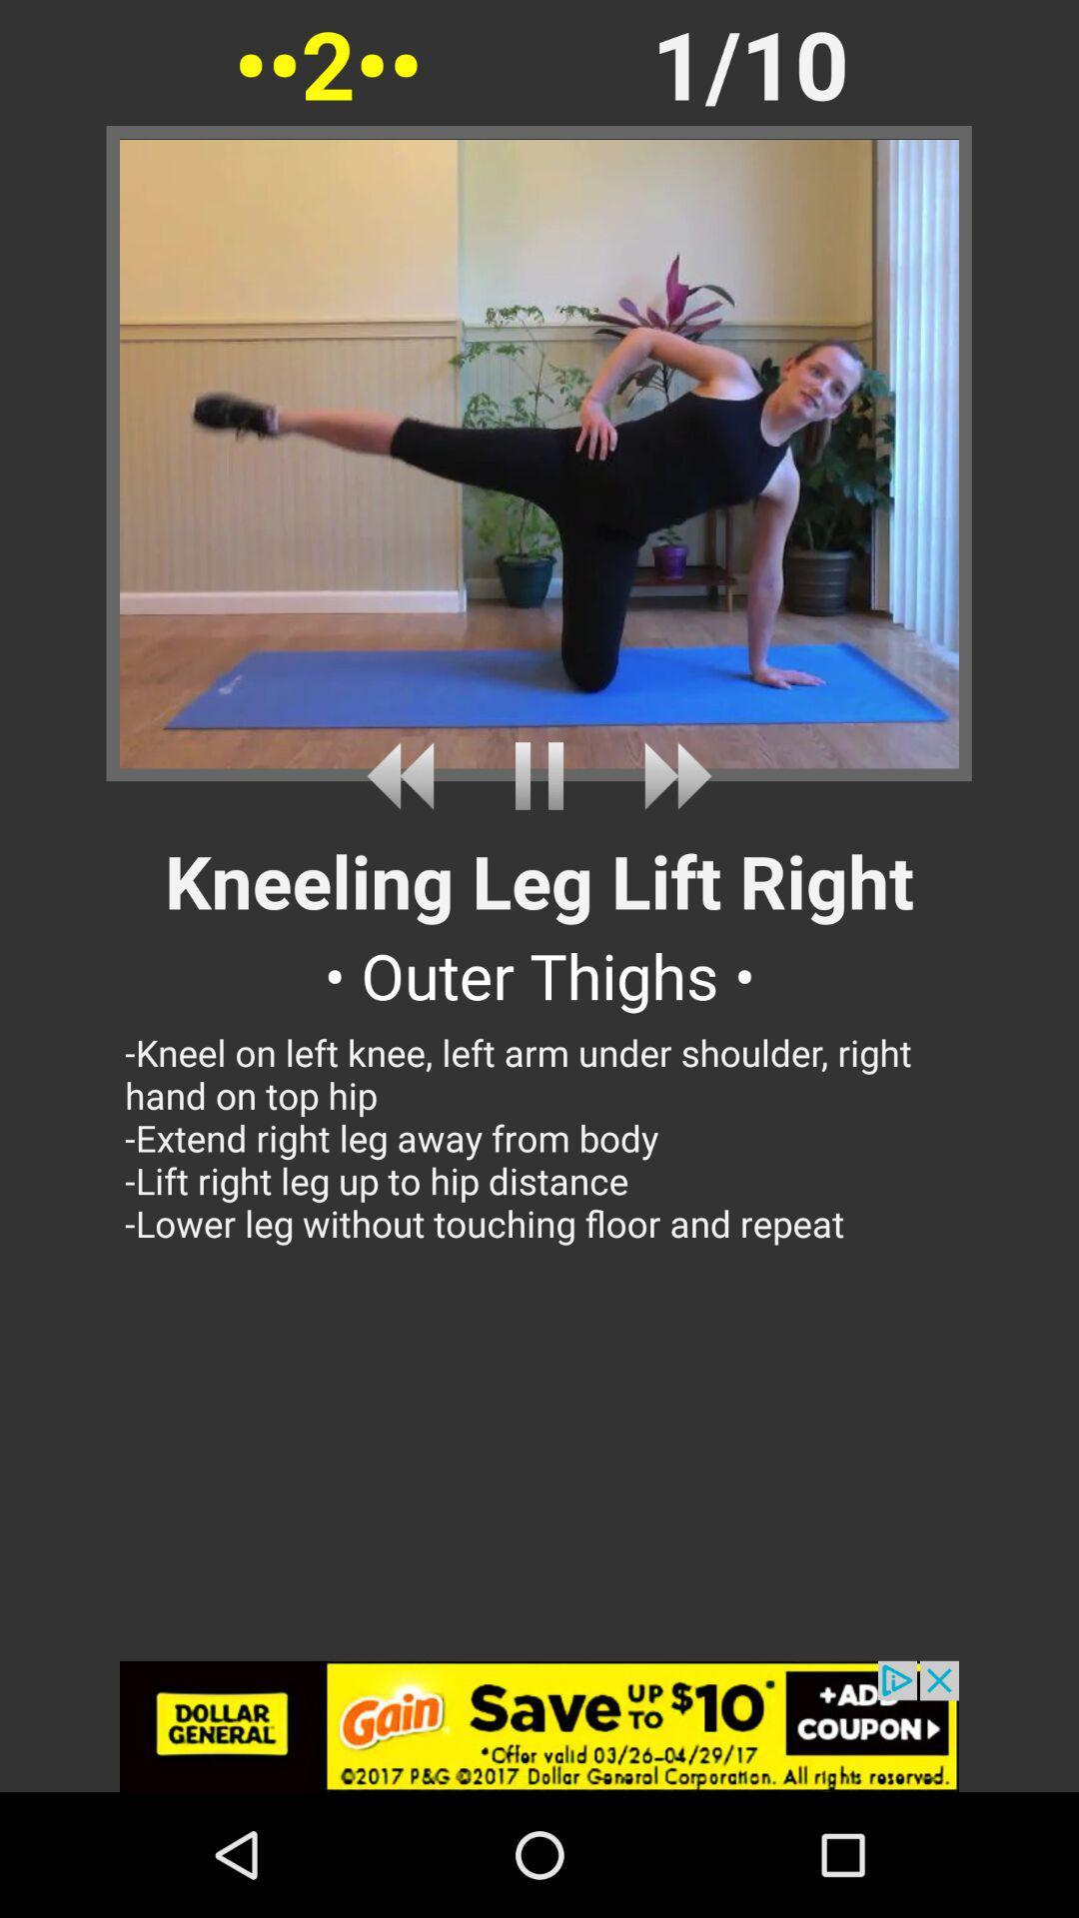  I want to click on pause playback, so click(539, 775).